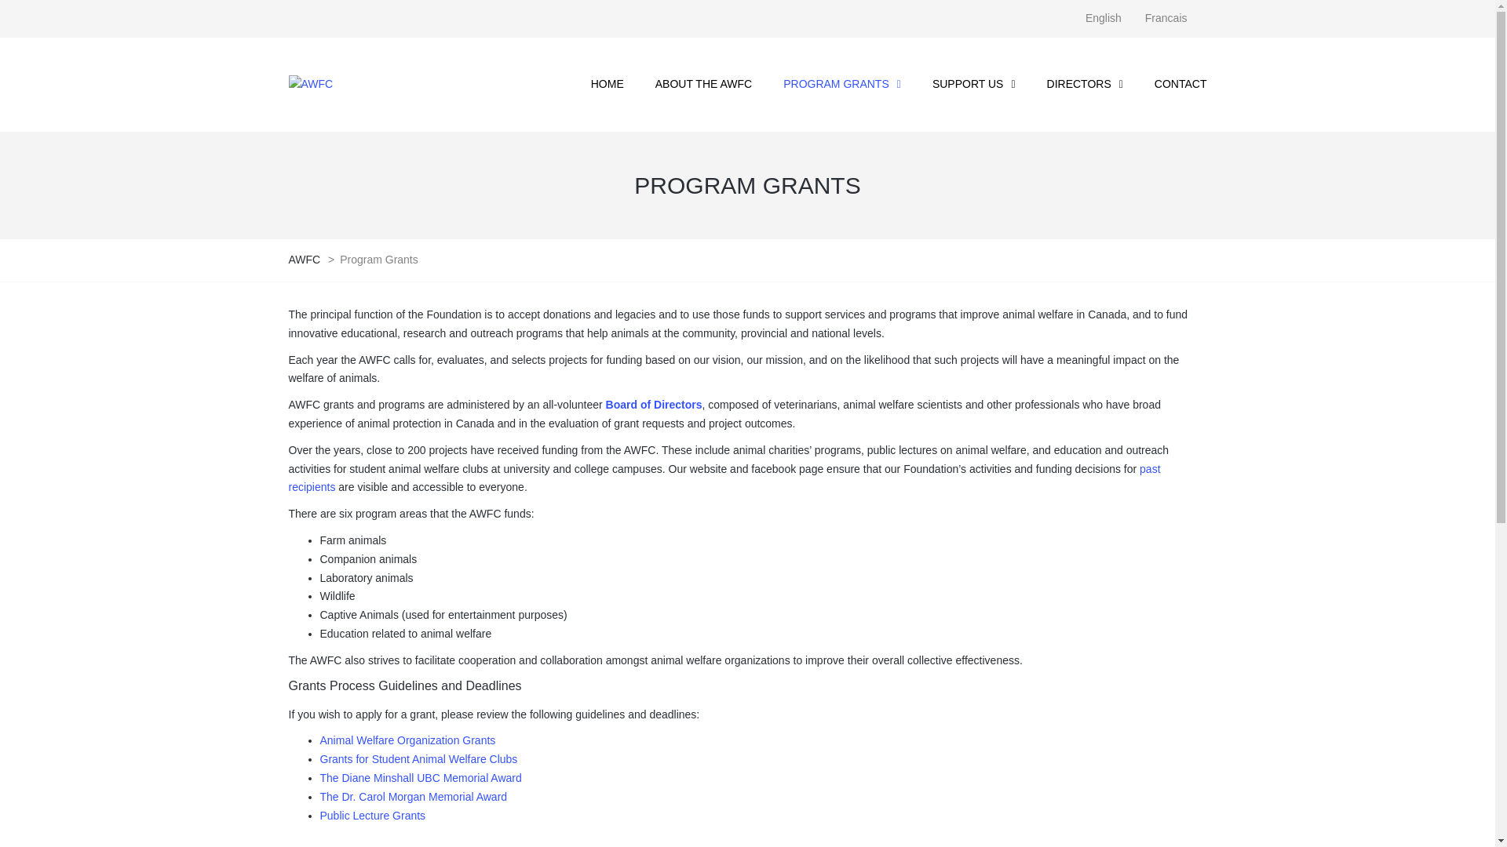 Image resolution: width=1507 pixels, height=847 pixels. What do you see at coordinates (702, 85) in the screenshot?
I see `'ABOUT THE AWFC'` at bounding box center [702, 85].